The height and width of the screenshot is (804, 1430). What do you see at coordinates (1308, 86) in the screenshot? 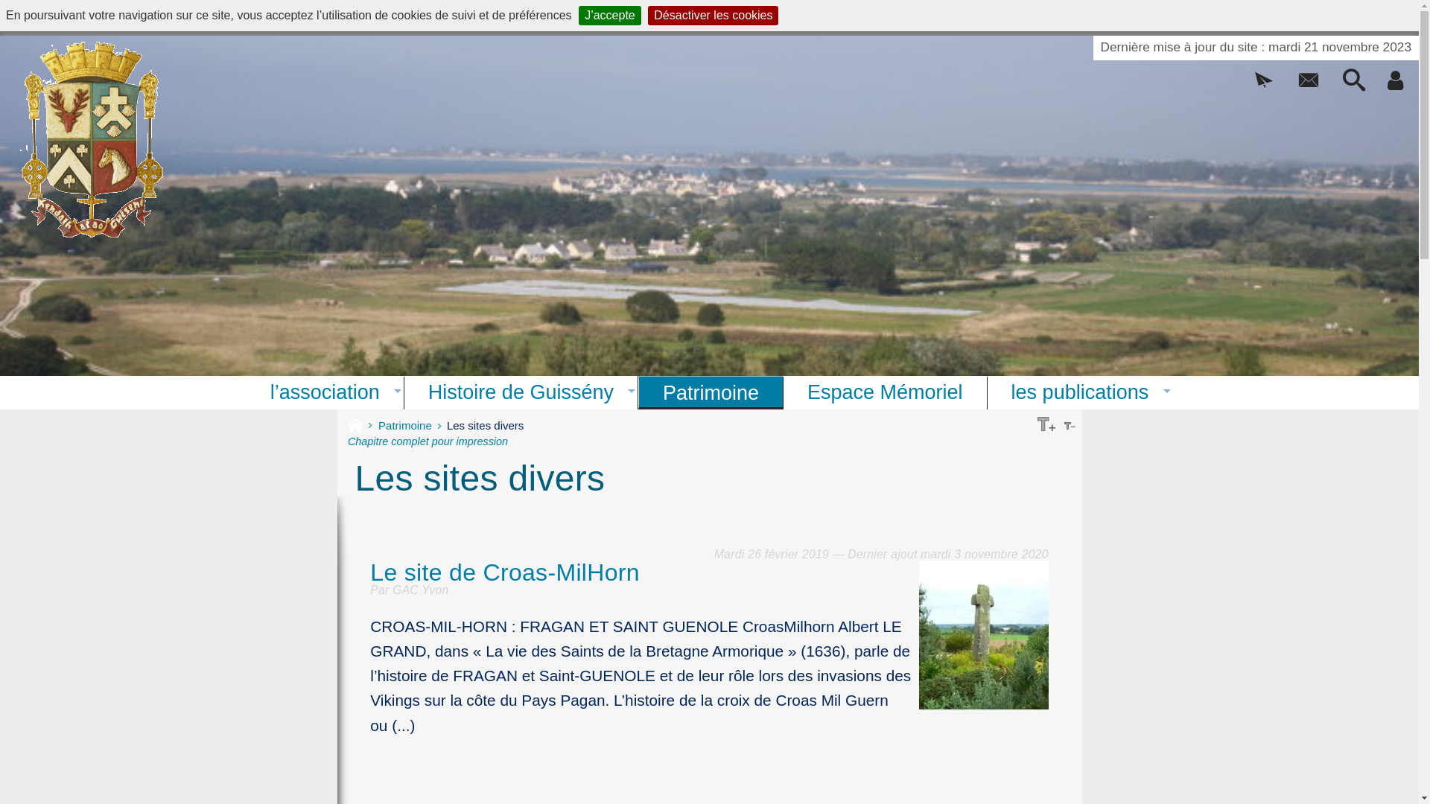
I see `'Contact'` at bounding box center [1308, 86].